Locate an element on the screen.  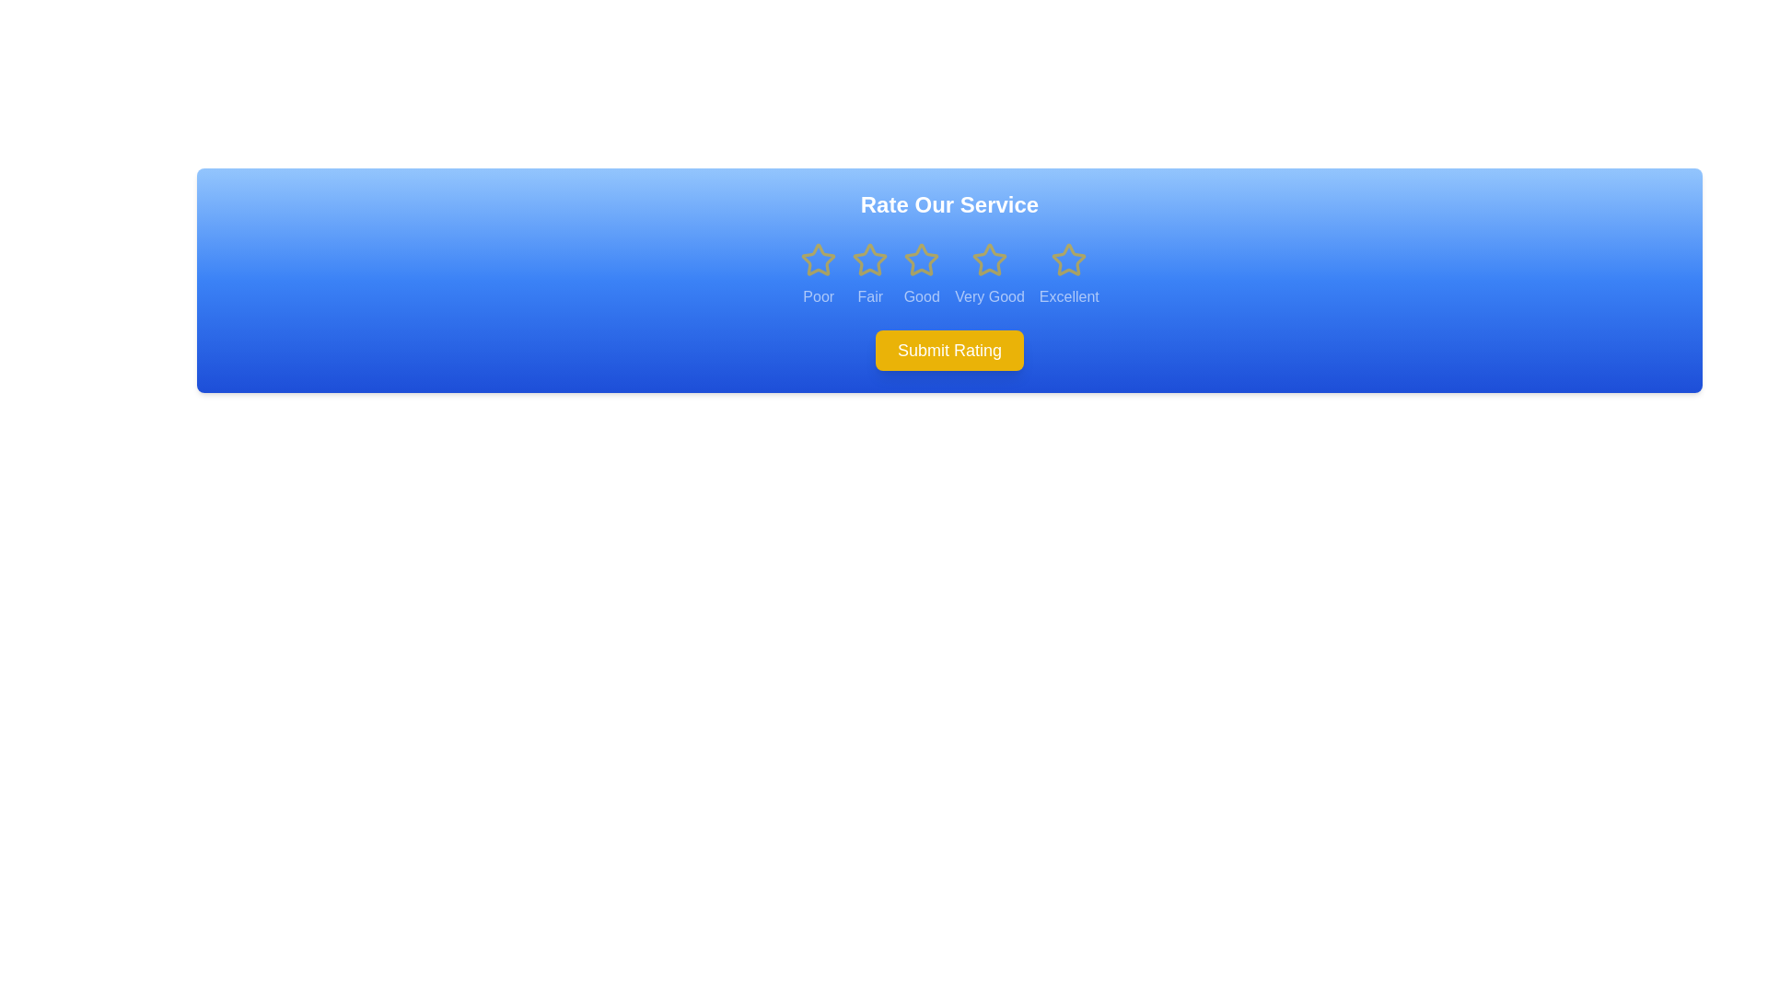
the third star icon from the left in the rating system is located at coordinates (922, 259).